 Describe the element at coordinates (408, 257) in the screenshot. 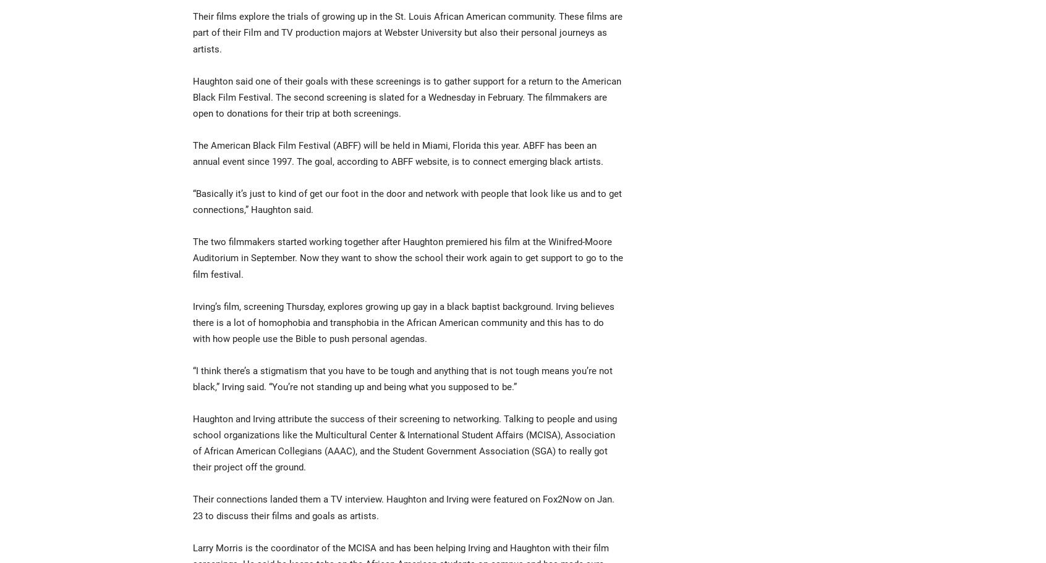

I see `'The two filmmakers started working together after Haughton premiered his film at the Winifred-Moore Auditorium in September. Now they want to show the school their work again to get support to go to the film festival.'` at that location.